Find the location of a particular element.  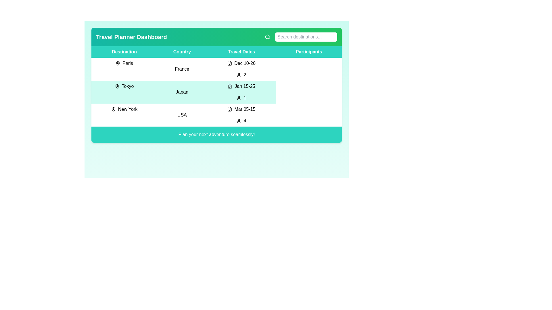

text is located at coordinates (300, 37).